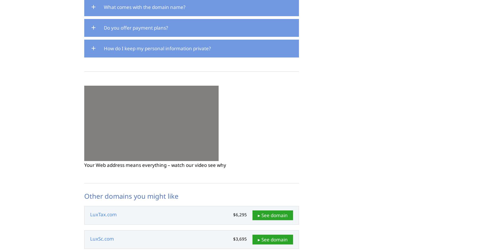 This screenshot has width=496, height=252. What do you see at coordinates (131, 196) in the screenshot?
I see `'Other domains you might like'` at bounding box center [131, 196].